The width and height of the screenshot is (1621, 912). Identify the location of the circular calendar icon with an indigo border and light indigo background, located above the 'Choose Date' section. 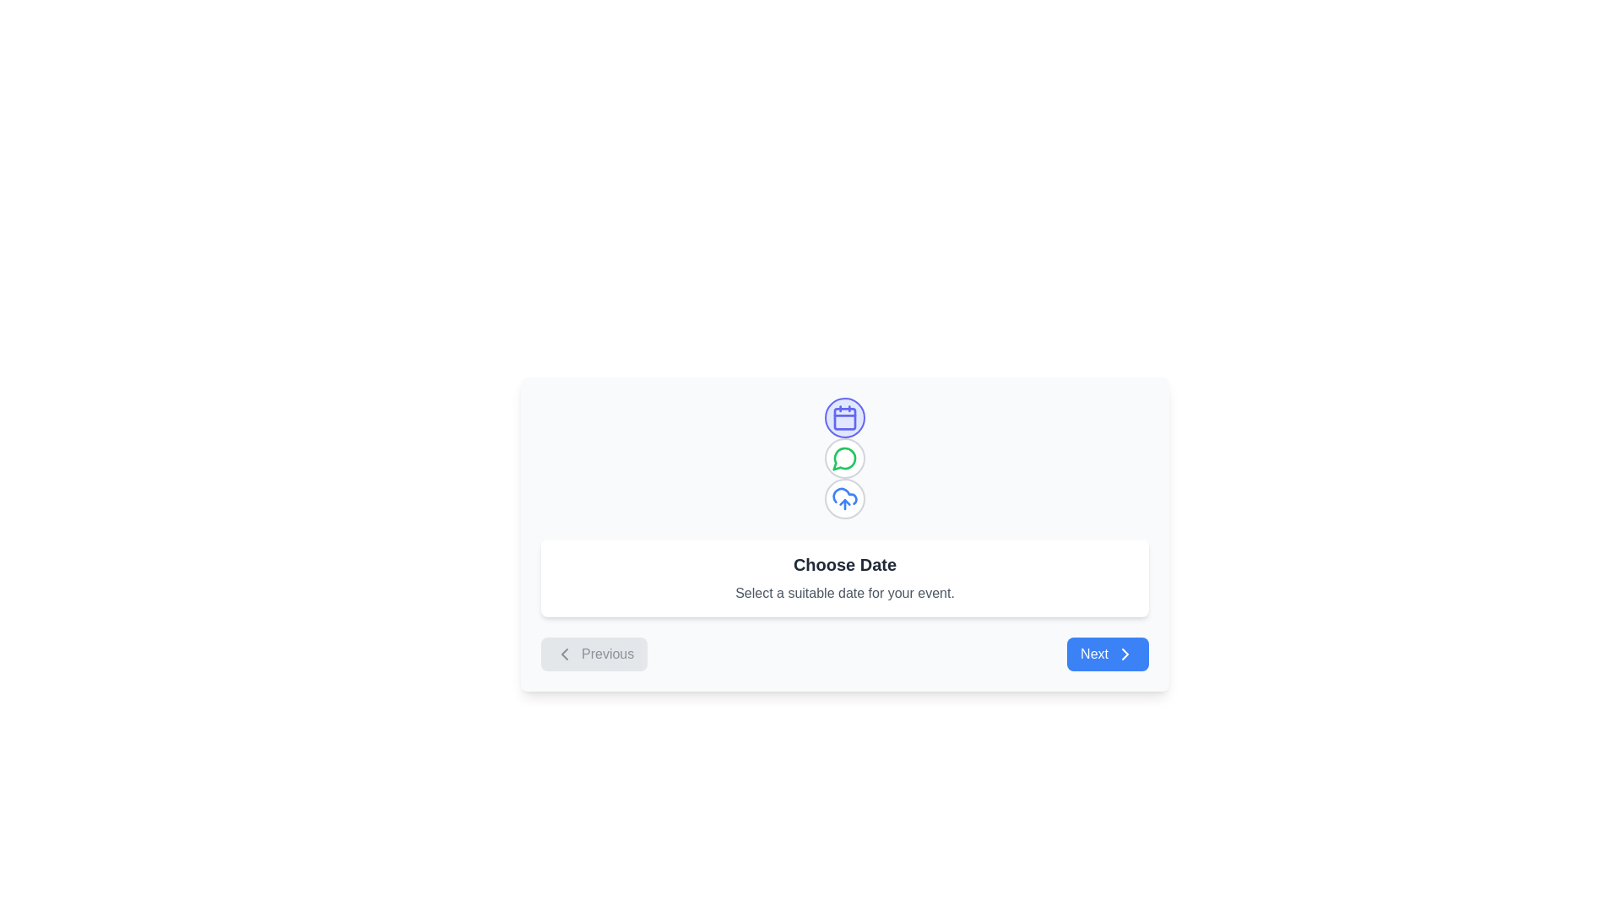
(845, 417).